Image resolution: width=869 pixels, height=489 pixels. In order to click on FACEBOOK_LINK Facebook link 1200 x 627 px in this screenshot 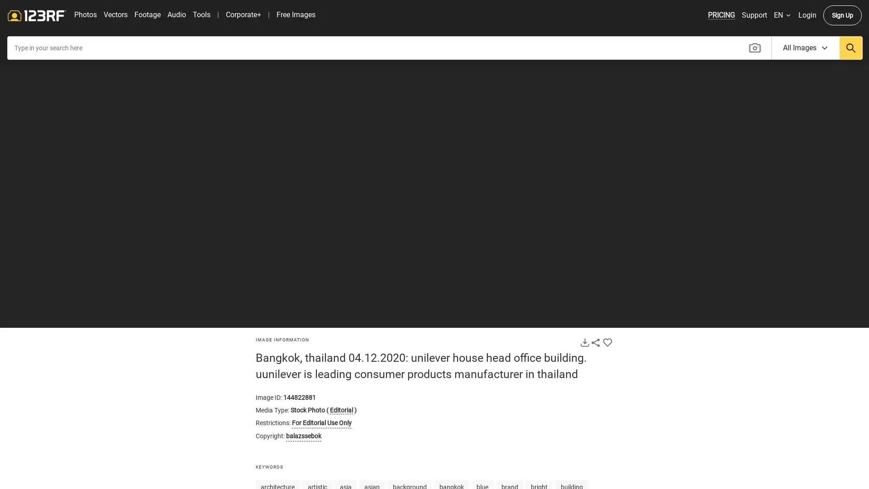, I will do `click(833, 312)`.